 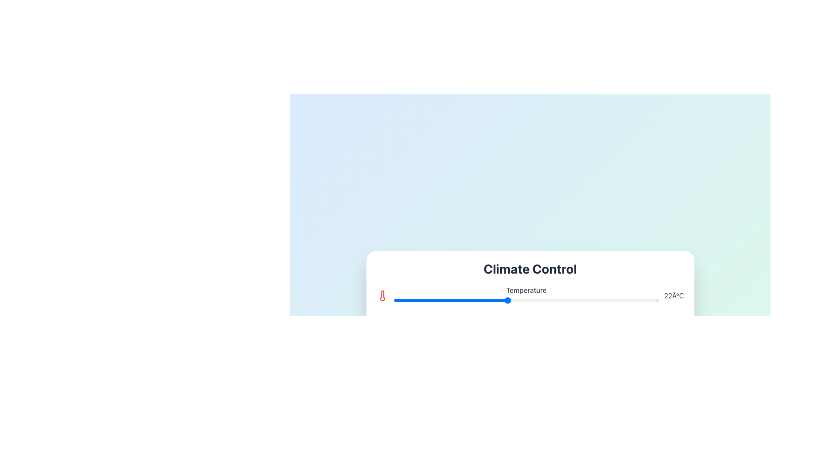 What do you see at coordinates (526, 300) in the screenshot?
I see `the temperature slider` at bounding box center [526, 300].